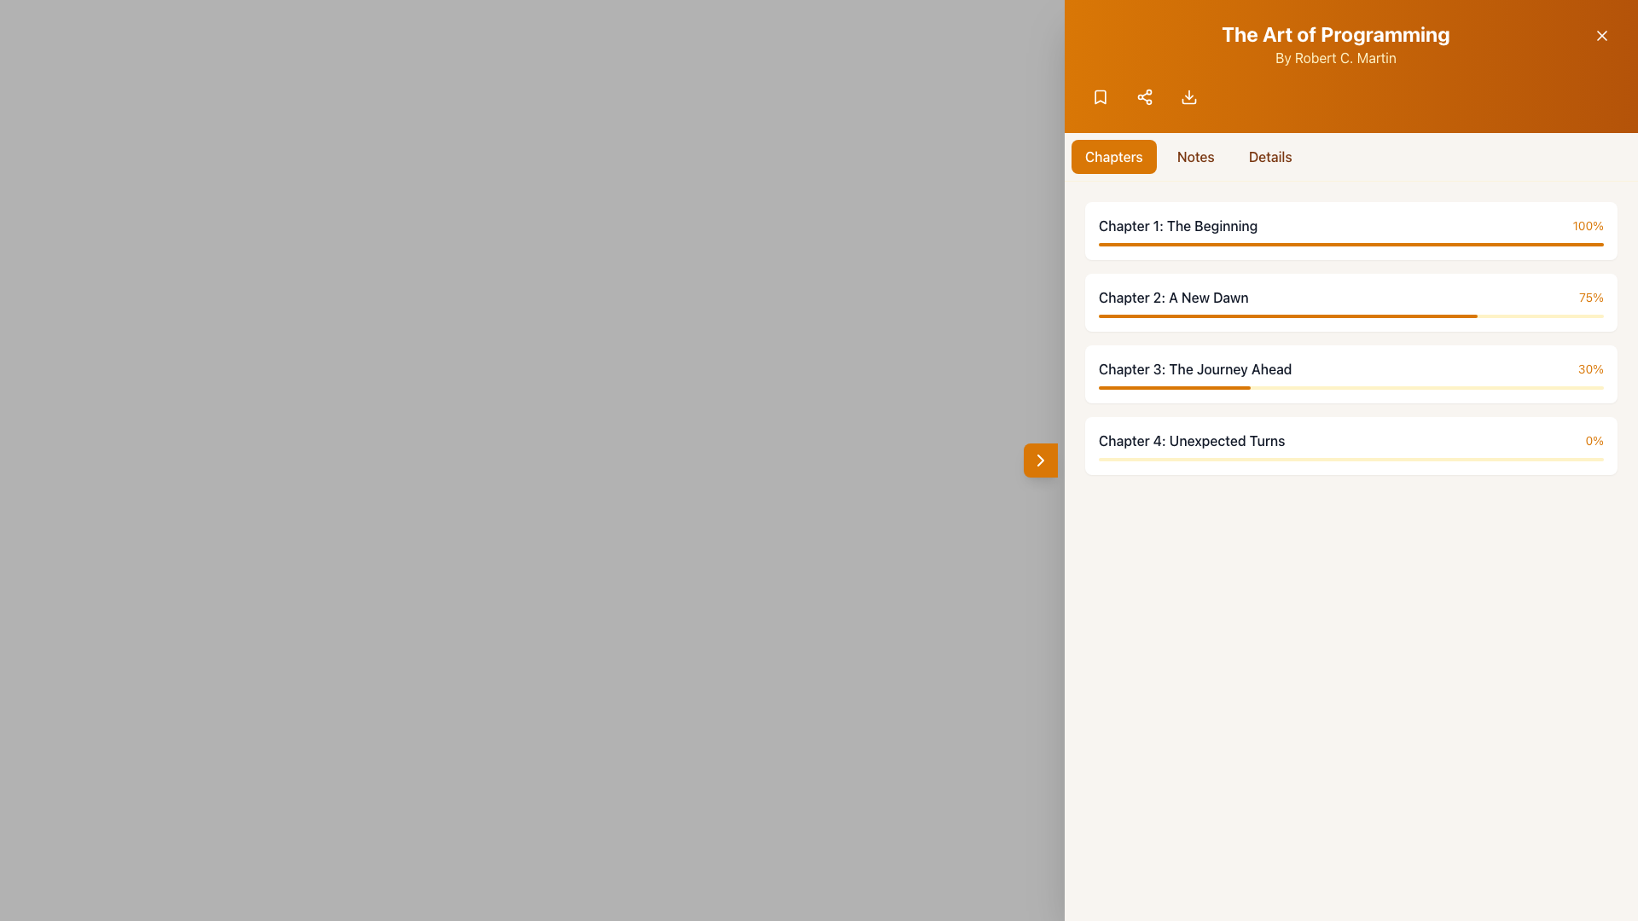 The width and height of the screenshot is (1638, 921). What do you see at coordinates (1350, 374) in the screenshot?
I see `the Progress tracker representing Chapter 3` at bounding box center [1350, 374].